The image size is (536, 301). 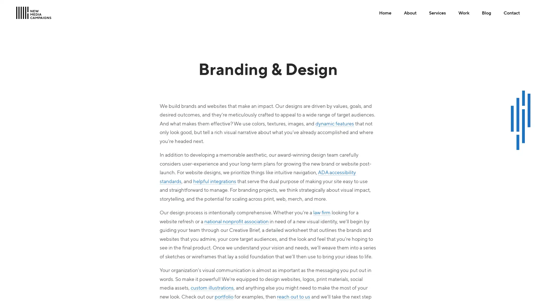 What do you see at coordinates (6, 6) in the screenshot?
I see `Skip to Main Content` at bounding box center [6, 6].